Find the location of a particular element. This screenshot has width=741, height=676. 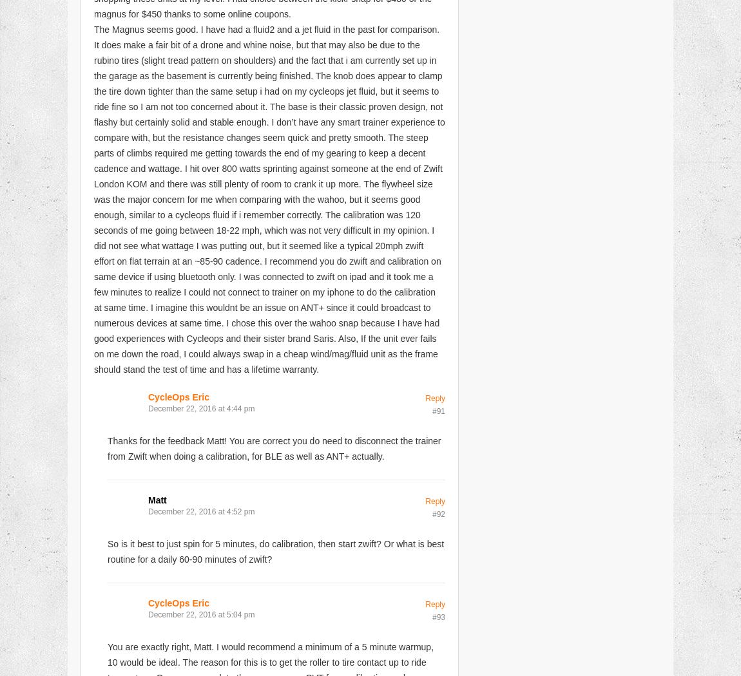

'Matt' is located at coordinates (148, 499).